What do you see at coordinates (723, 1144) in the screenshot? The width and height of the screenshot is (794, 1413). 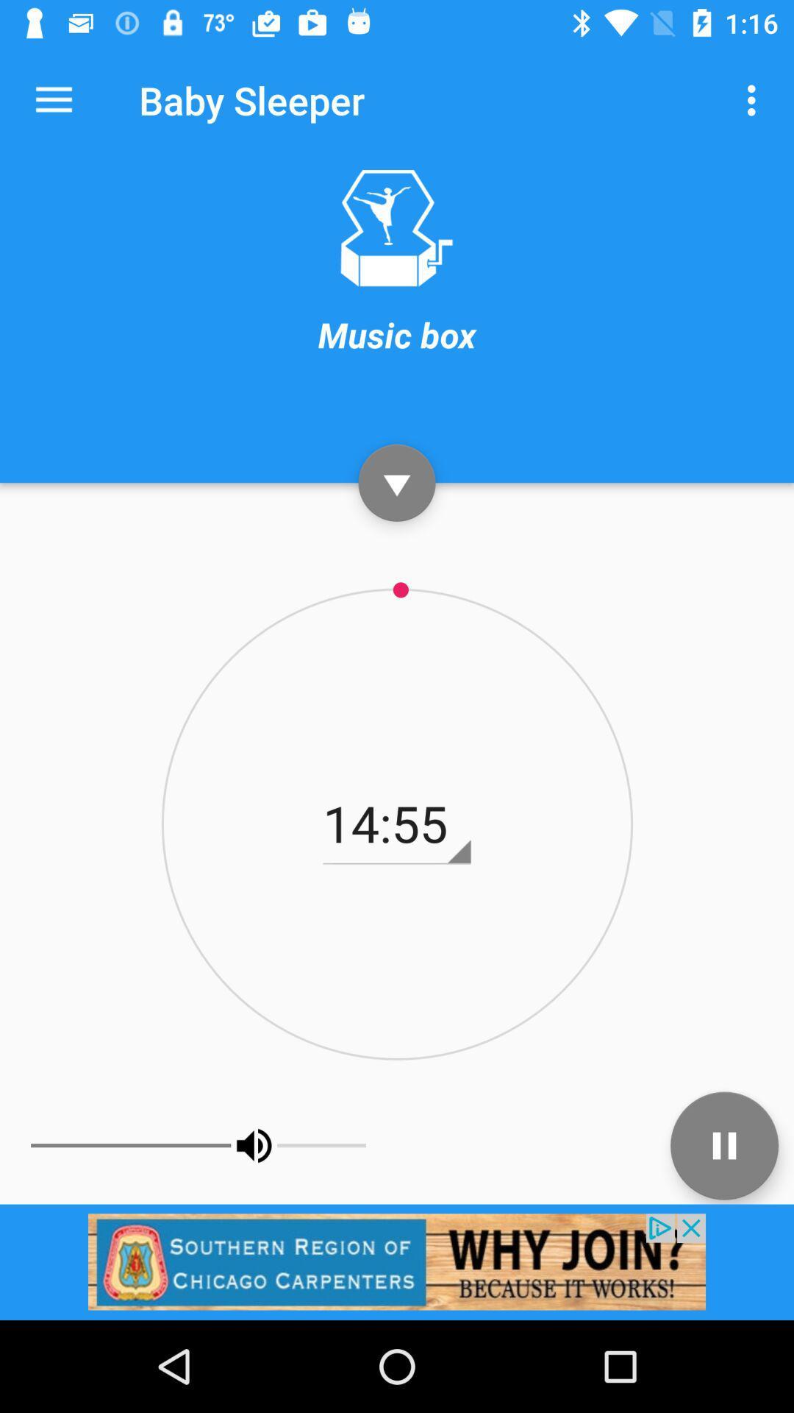 I see `pause the track` at bounding box center [723, 1144].